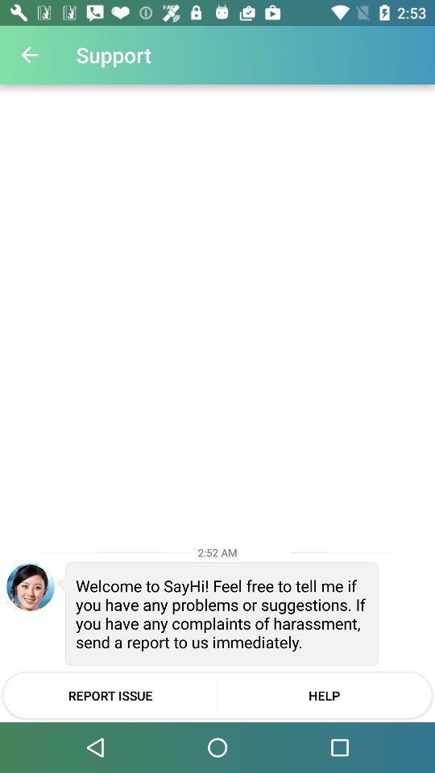  I want to click on the icon above the 2:52 am, so click(29, 55).